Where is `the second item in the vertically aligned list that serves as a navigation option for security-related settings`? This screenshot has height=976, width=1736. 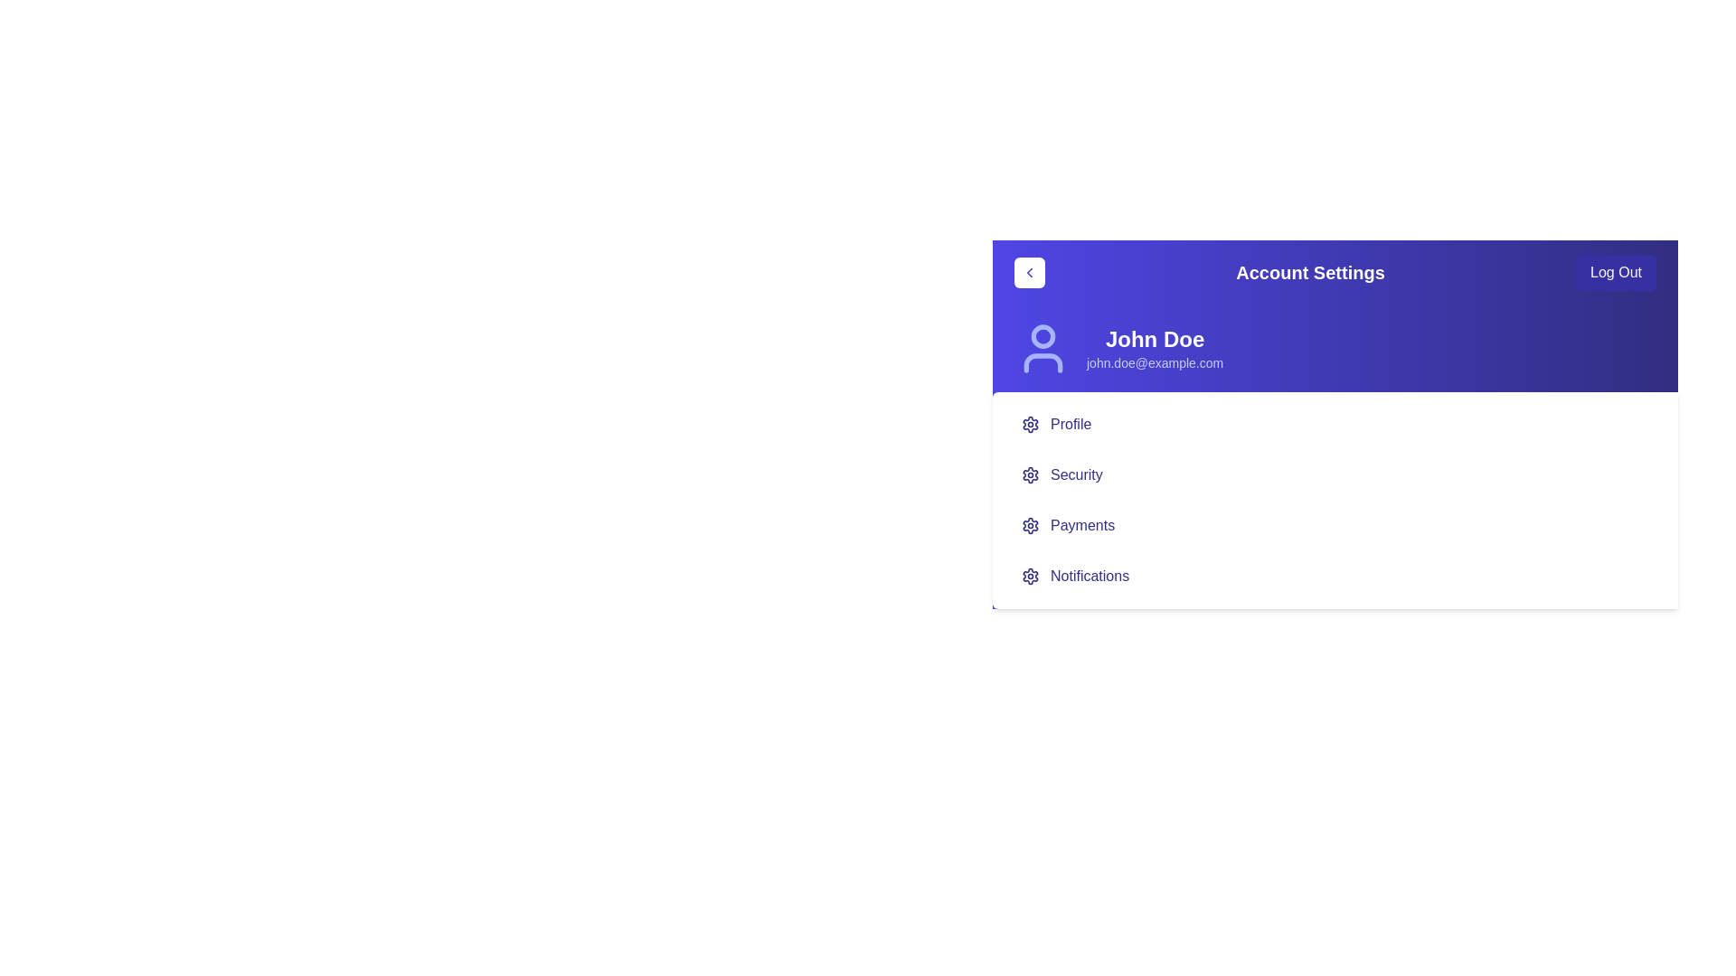
the second item in the vertically aligned list that serves as a navigation option for security-related settings is located at coordinates (1335, 474).